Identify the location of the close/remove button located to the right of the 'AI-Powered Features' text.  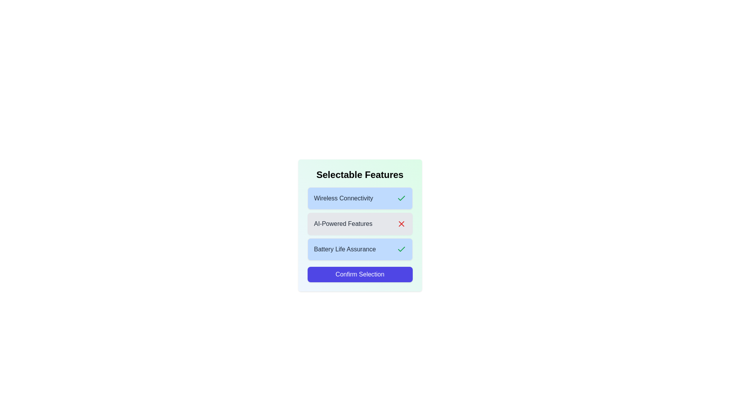
(401, 224).